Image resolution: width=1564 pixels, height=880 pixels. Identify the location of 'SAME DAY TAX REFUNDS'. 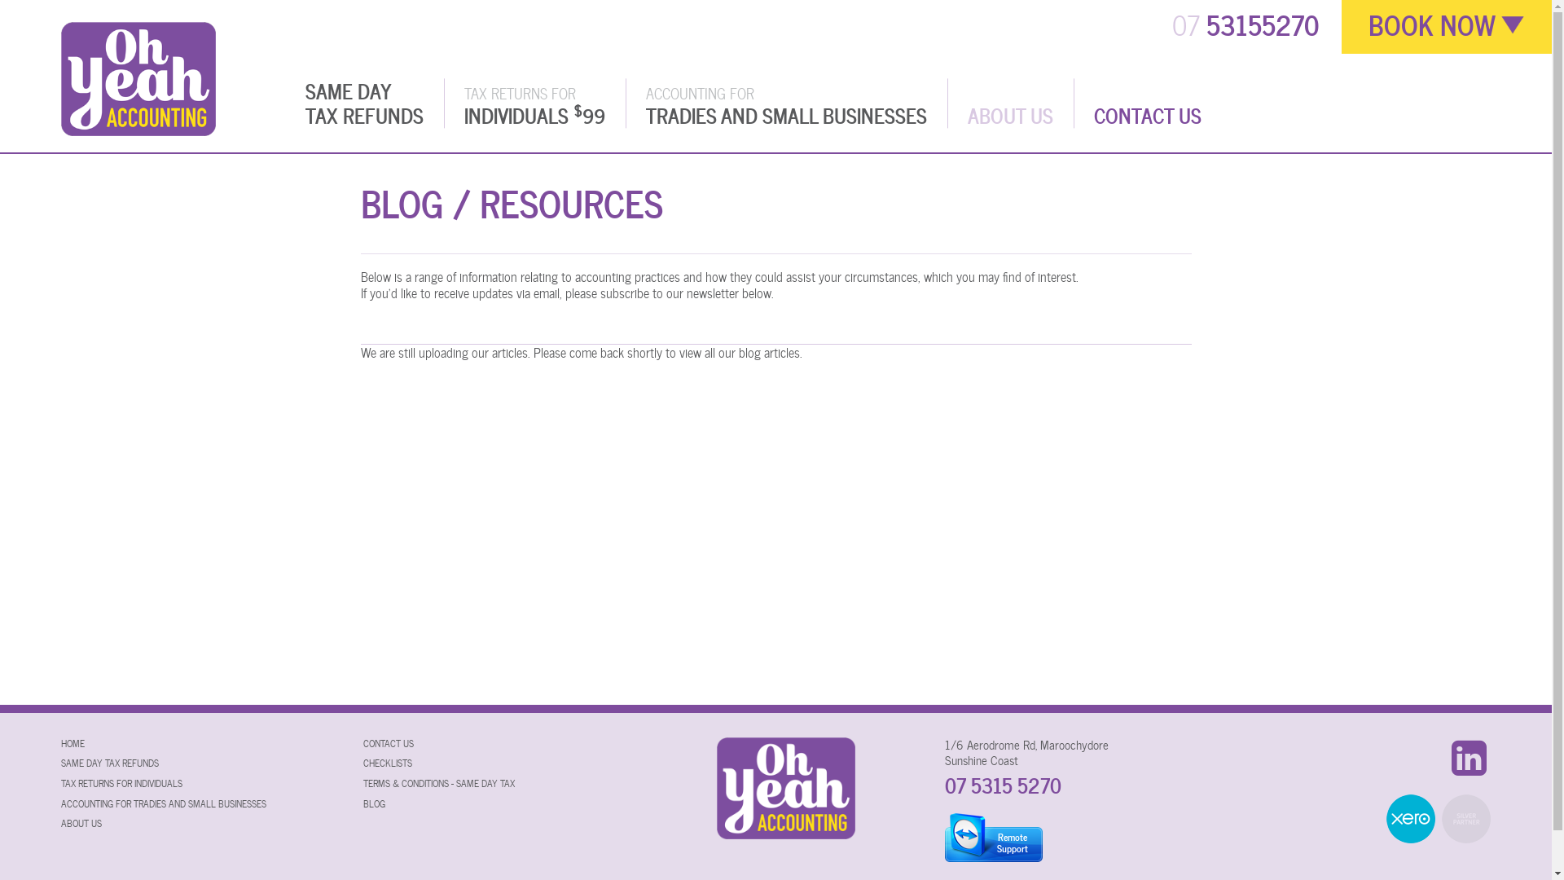
(108, 763).